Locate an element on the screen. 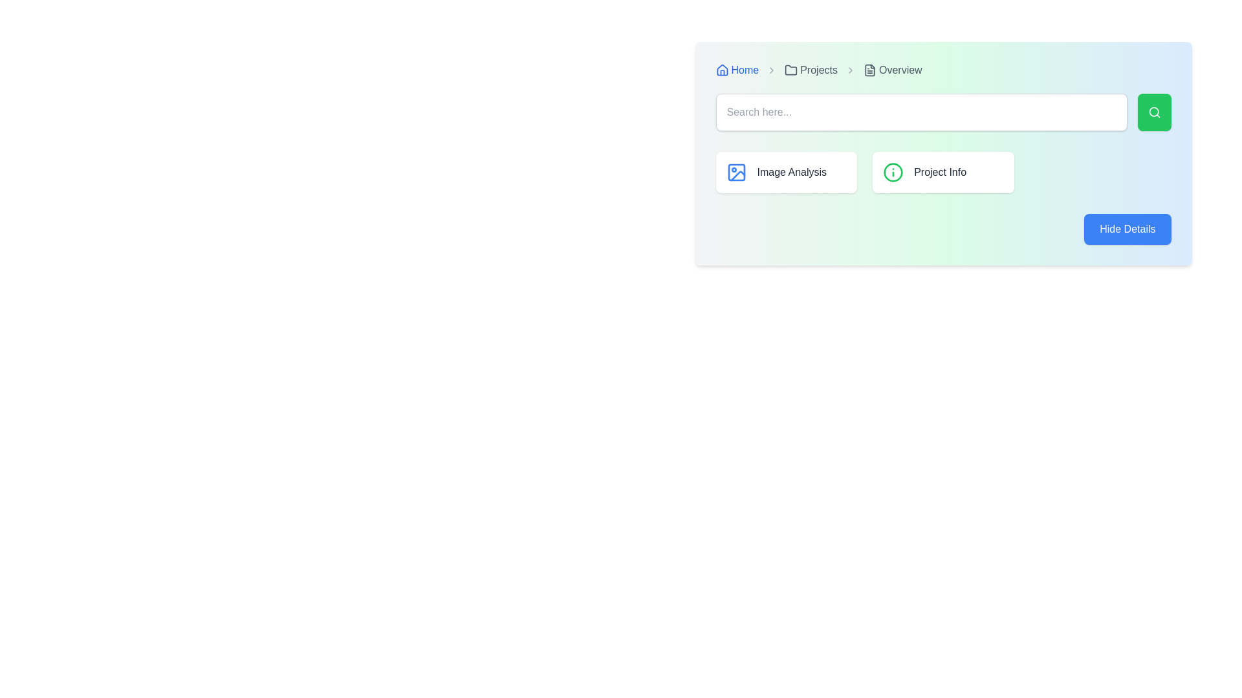 Image resolution: width=1242 pixels, height=698 pixels. the hyperlink that serves as the navigation link to the homepage, located in the top-left section of the navigation bar is located at coordinates (737, 70).